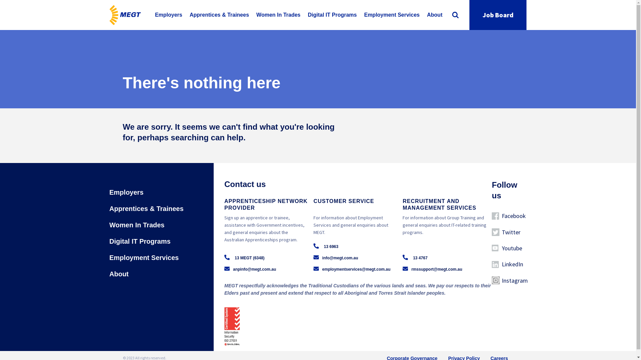 The image size is (641, 360). What do you see at coordinates (141, 241) in the screenshot?
I see `'Digital IT Programs'` at bounding box center [141, 241].